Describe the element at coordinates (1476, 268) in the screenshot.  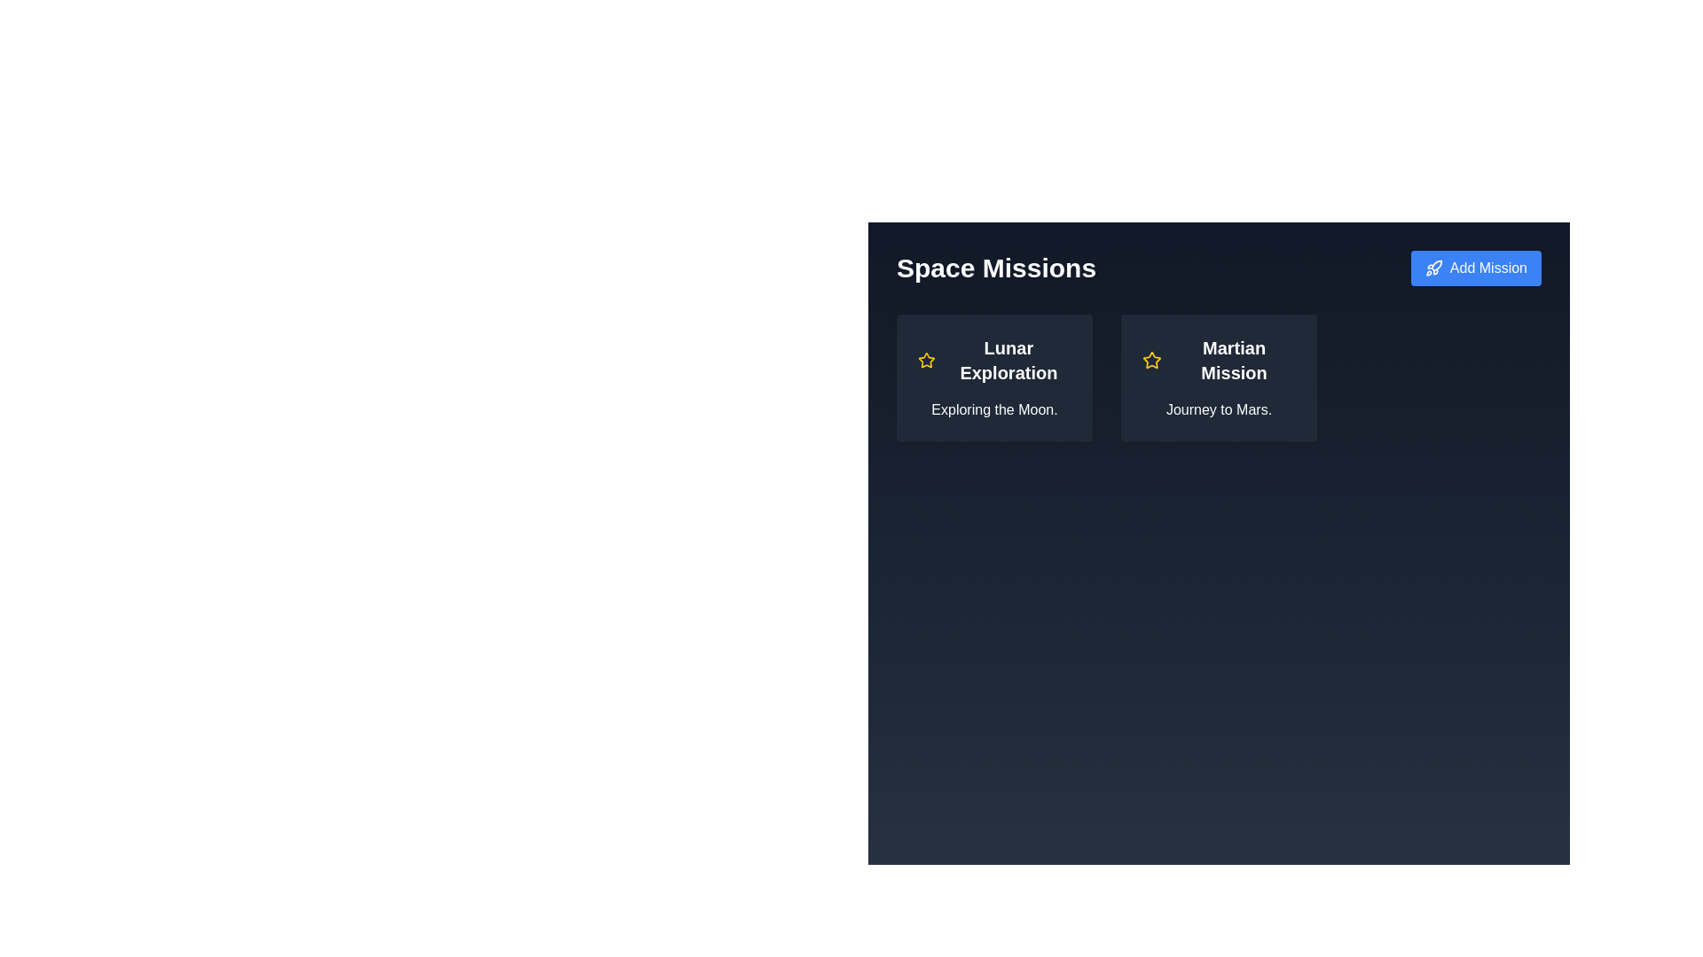
I see `the 'Add New Mission' button located in the top-right area next to the 'Space Missions' title` at that location.